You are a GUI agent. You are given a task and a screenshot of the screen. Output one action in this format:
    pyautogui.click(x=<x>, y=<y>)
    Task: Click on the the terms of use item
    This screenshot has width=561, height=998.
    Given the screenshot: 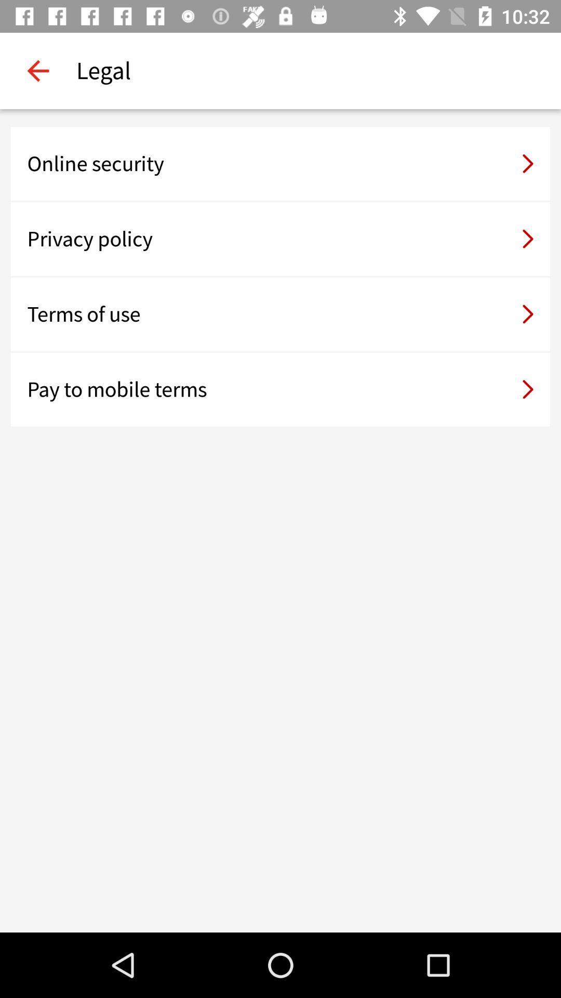 What is the action you would take?
    pyautogui.click(x=280, y=313)
    